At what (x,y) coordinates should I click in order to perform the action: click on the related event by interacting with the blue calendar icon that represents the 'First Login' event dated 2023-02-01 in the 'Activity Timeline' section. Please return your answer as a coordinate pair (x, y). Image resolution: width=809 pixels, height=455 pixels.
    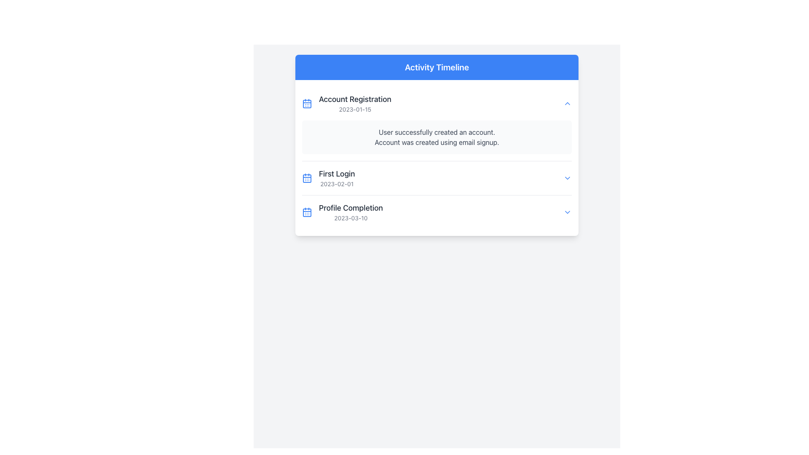
    Looking at the image, I should click on (307, 178).